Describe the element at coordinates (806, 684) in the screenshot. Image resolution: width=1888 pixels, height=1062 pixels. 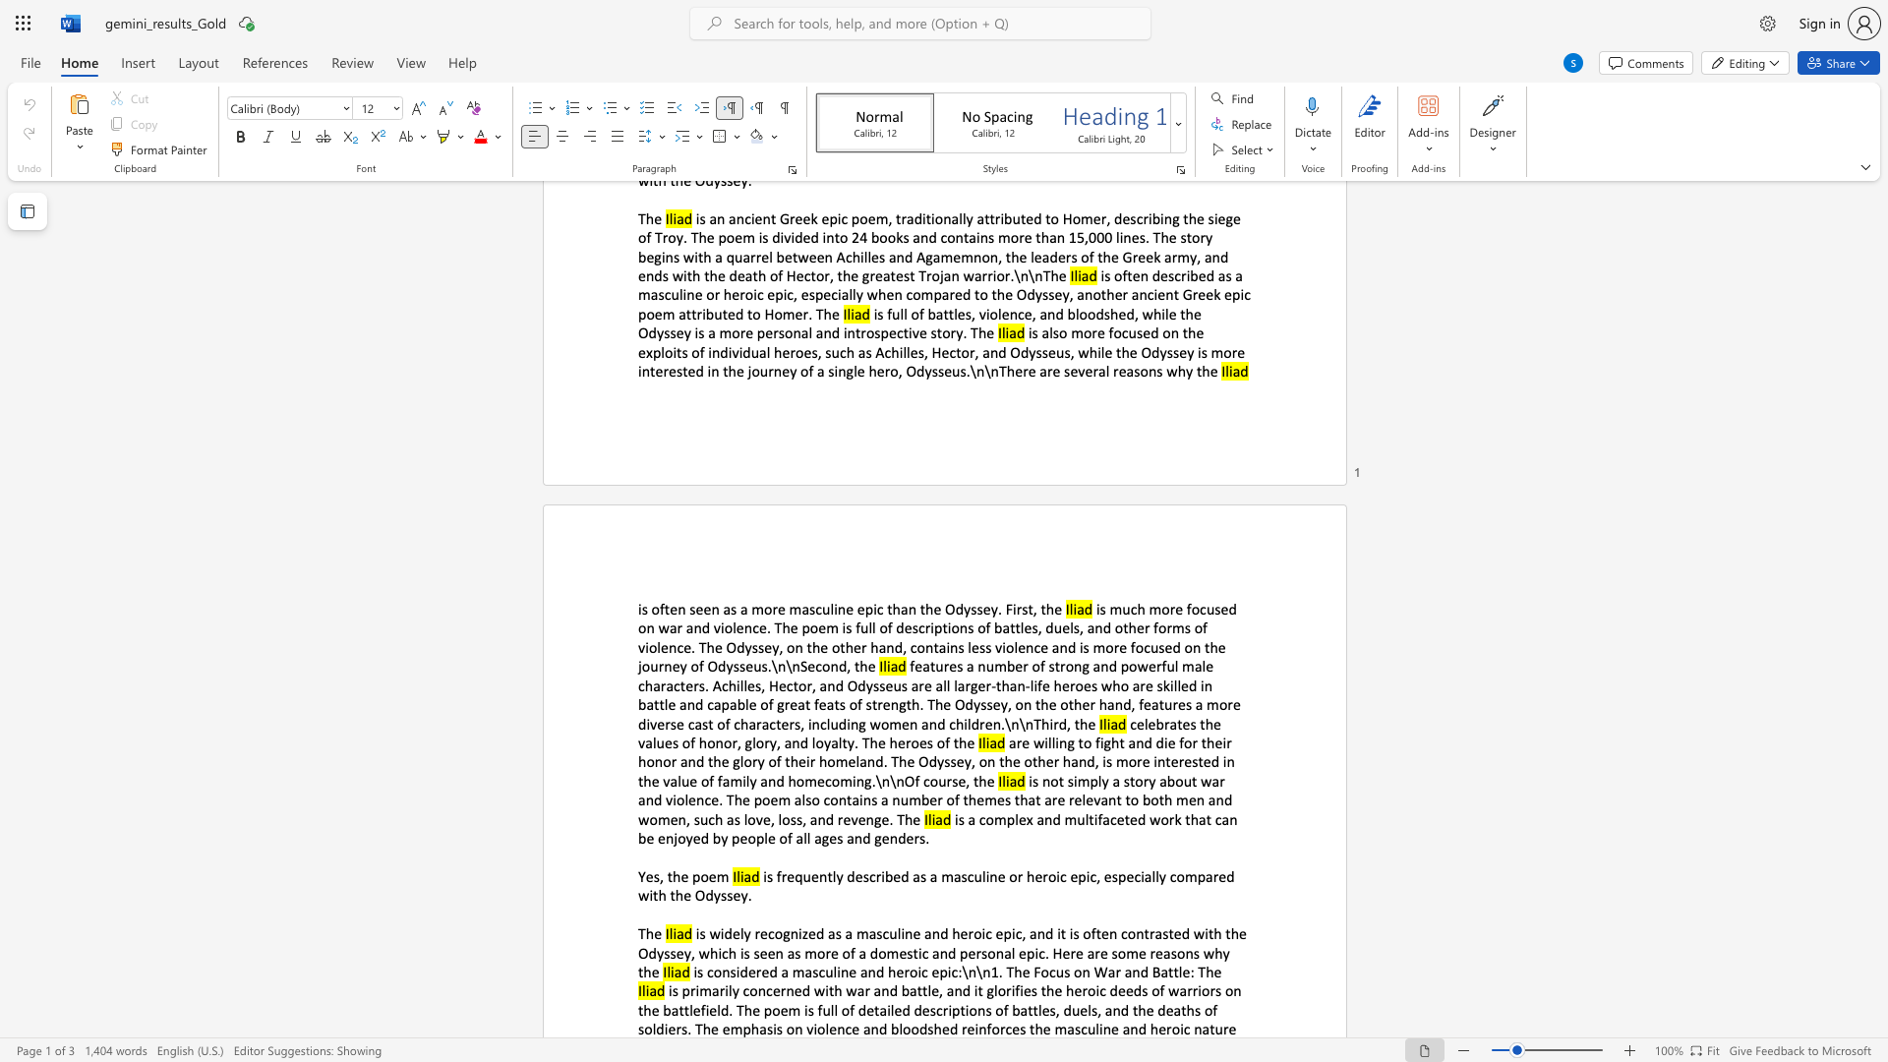
I see `the subset text "r, and Odysseus are al" within the text "features a number of strong and powerful male characters. Achilles, Hector, and Odysseus are all larger-than-life heroes who are skilled in battle and capable of great feats of strength. The Odyssey, on the other hand, features a more diverse cast of characters, including women and children.\n\nThird, the"` at that location.